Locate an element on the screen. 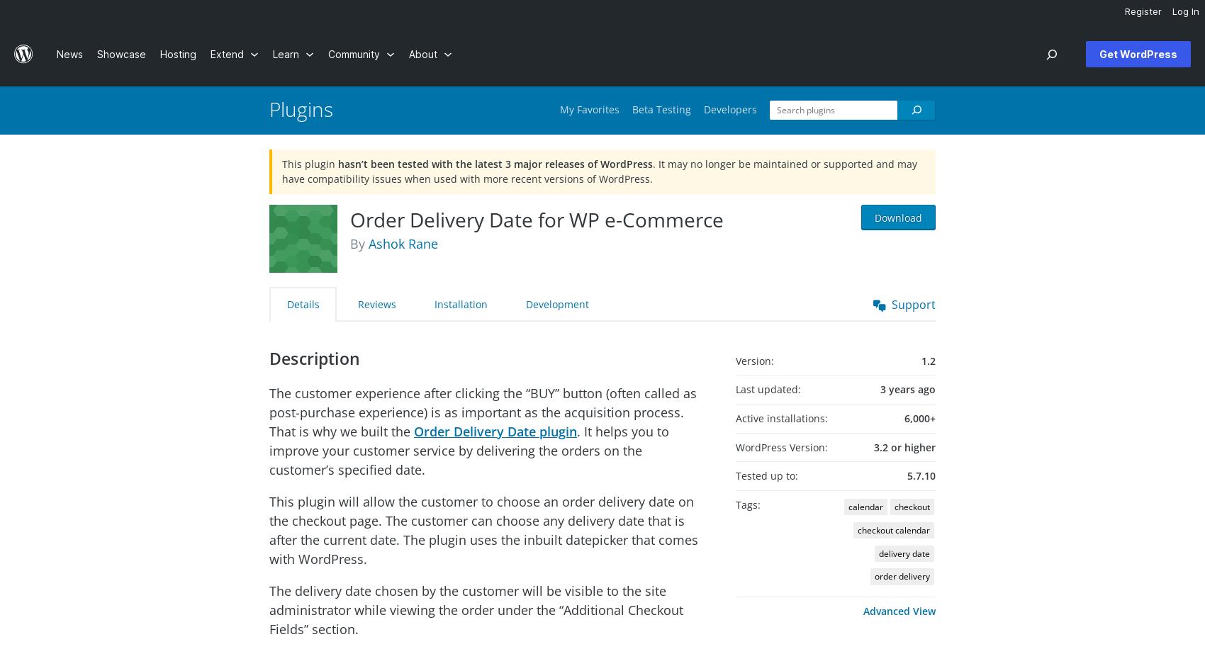  'Learn' is located at coordinates (285, 53).